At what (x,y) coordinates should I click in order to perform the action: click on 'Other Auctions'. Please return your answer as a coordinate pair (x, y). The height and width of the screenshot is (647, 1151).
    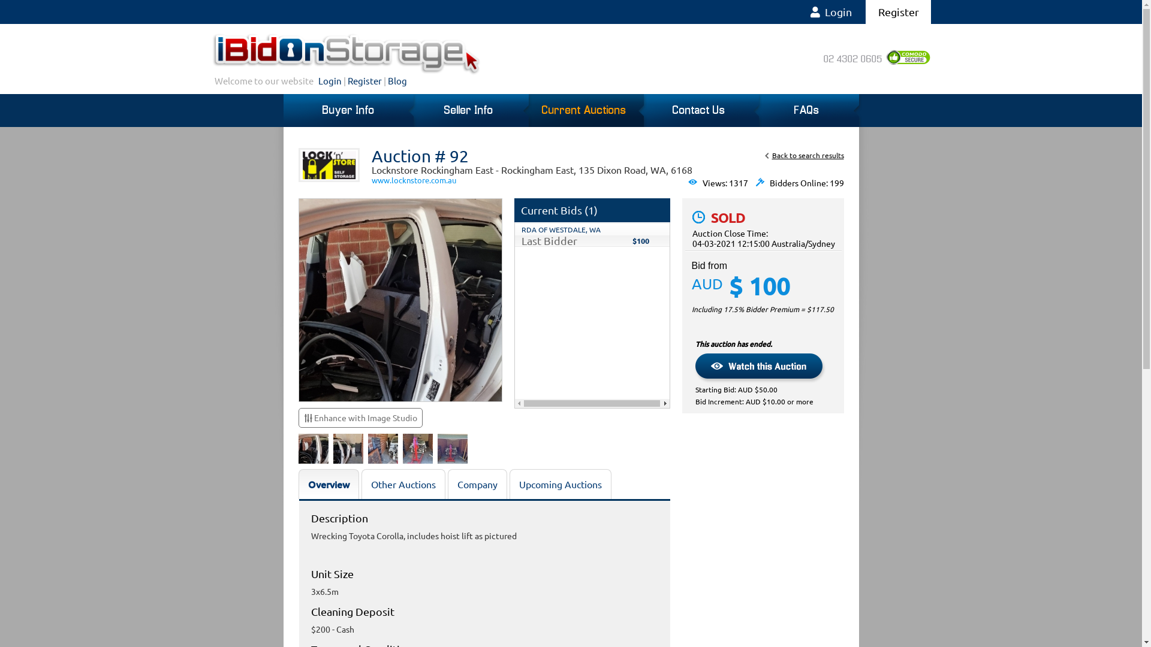
    Looking at the image, I should click on (403, 483).